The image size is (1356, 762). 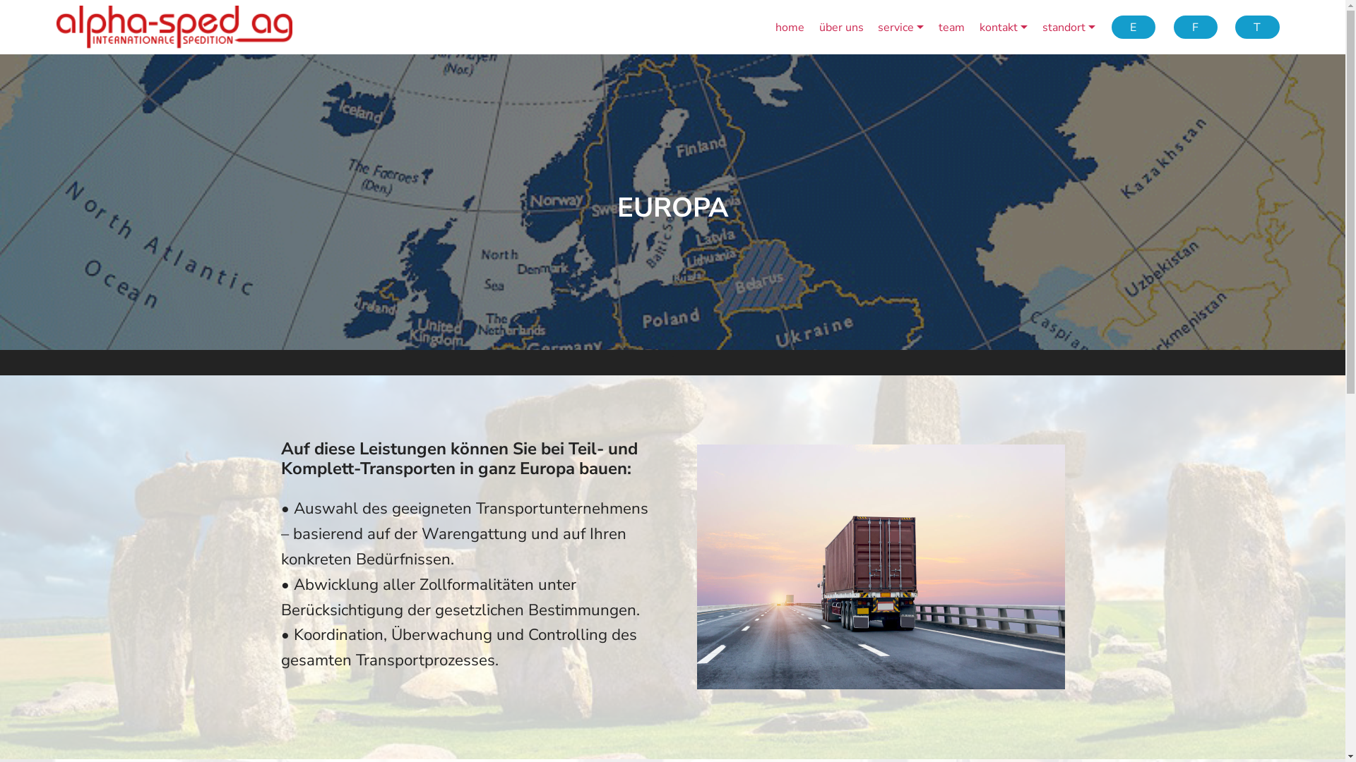 I want to click on 'home', so click(x=789, y=27).